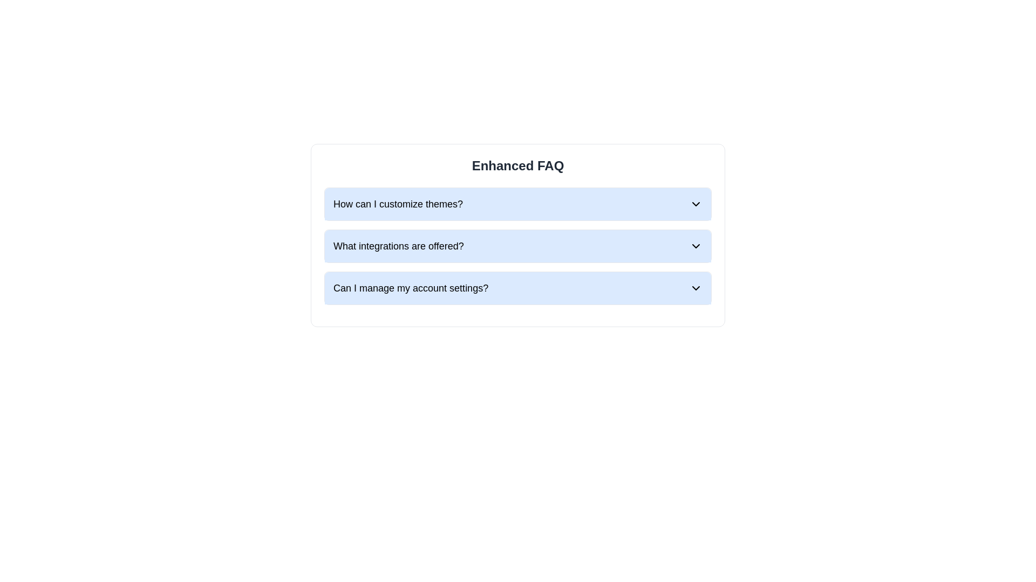  I want to click on the downward-pointing chevron icon located on the right side of the row titled 'What integrations are offered?', so click(696, 246).